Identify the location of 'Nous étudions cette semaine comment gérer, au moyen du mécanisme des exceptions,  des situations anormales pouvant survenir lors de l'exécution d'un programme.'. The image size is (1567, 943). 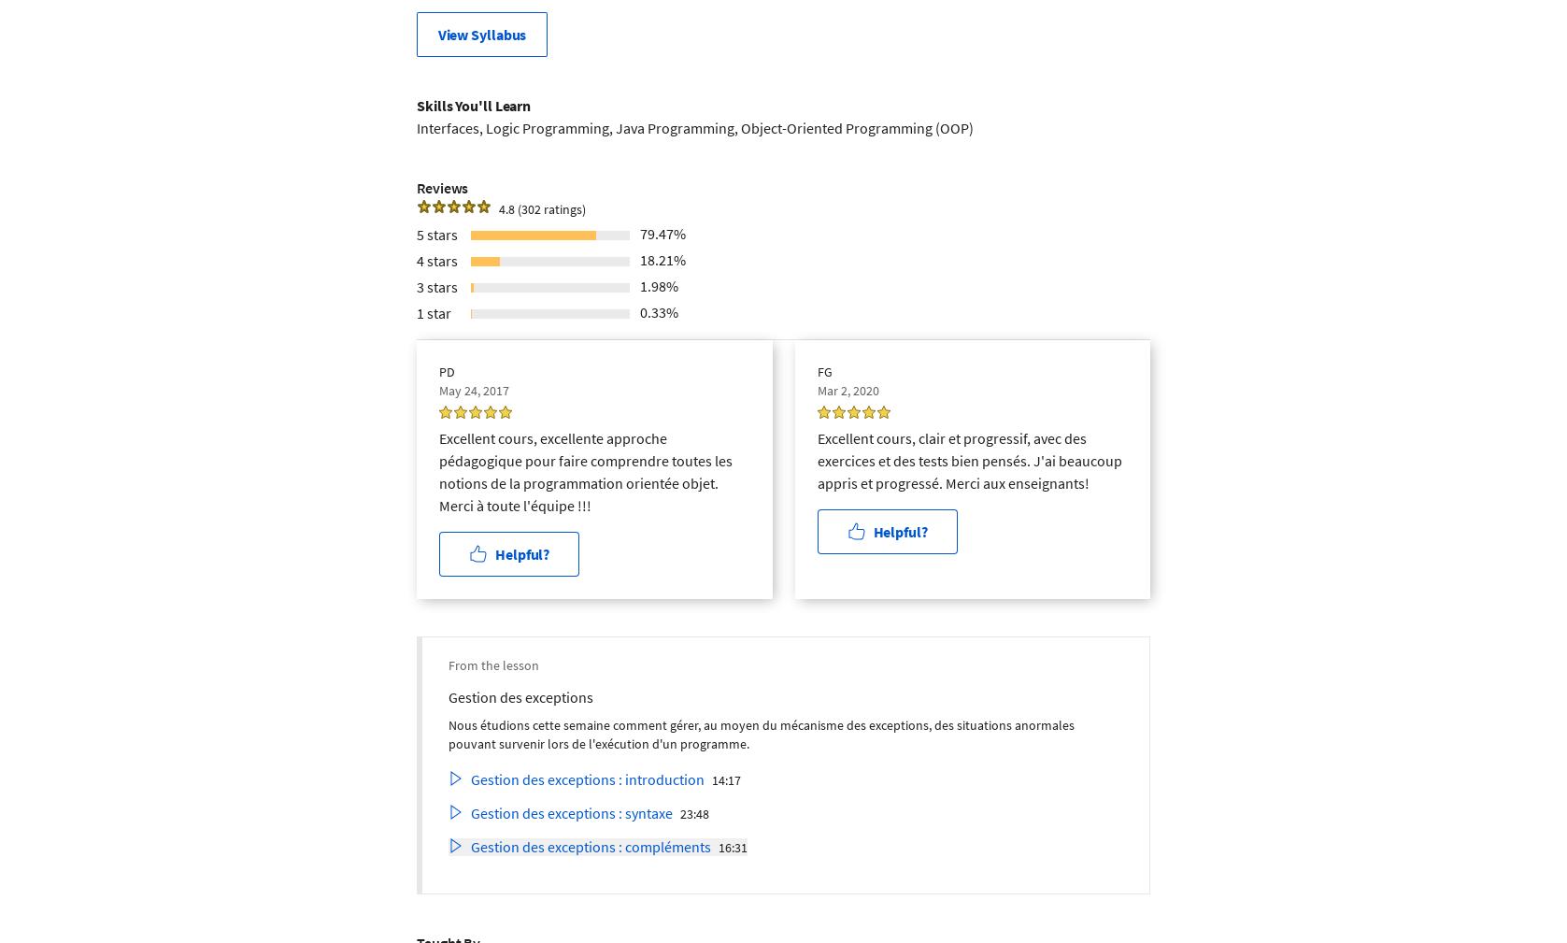
(762, 734).